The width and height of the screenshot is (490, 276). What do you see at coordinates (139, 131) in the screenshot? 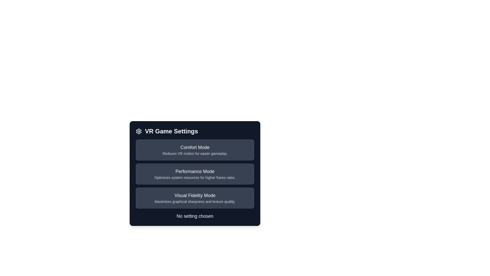
I see `the gear icon positioned to the left of the 'VR Game Settings' heading in the top-left corner of the settings interface` at bounding box center [139, 131].